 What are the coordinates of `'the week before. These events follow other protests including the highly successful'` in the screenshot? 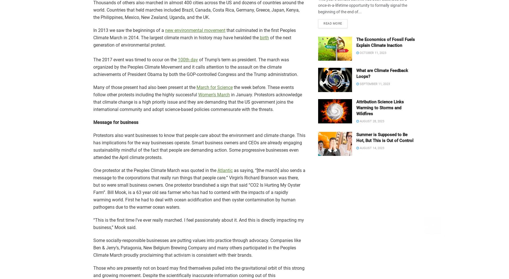 It's located at (193, 91).